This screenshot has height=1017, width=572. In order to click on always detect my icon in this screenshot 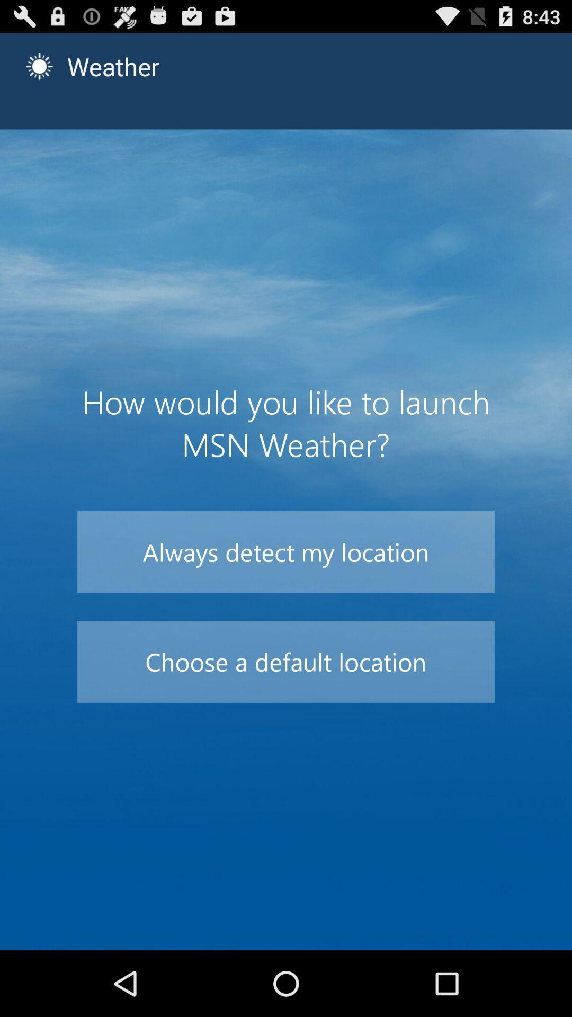, I will do `click(286, 551)`.